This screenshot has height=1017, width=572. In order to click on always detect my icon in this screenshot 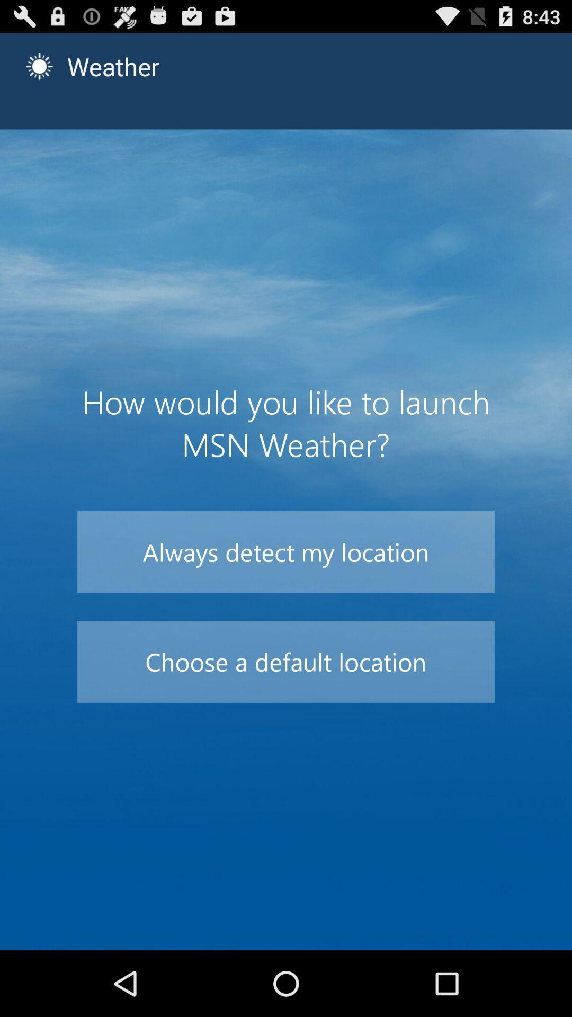, I will do `click(286, 551)`.